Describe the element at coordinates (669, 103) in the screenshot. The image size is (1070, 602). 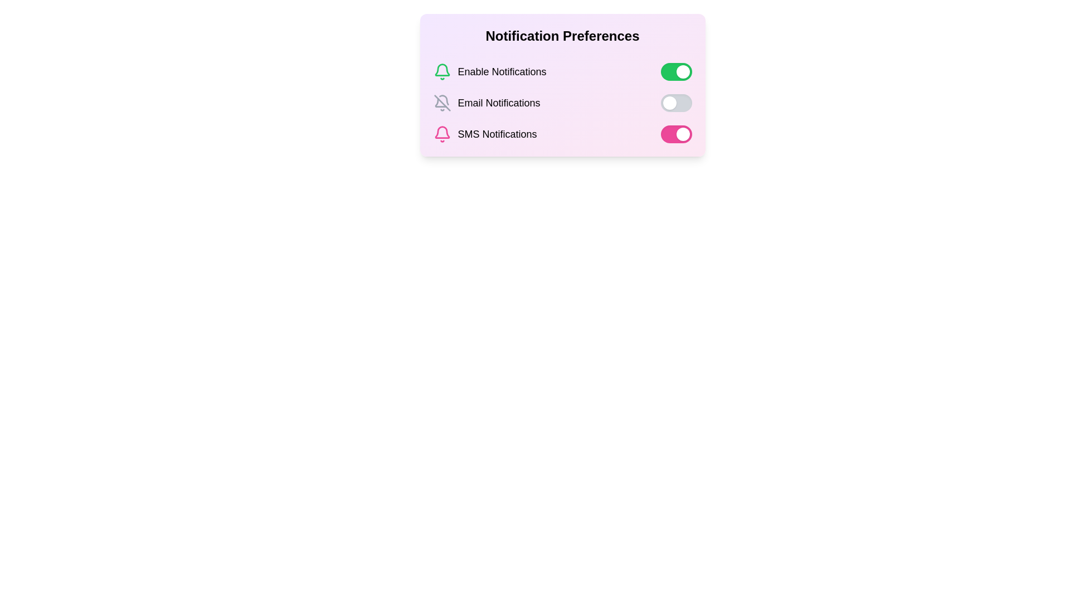
I see `the circular toggle indicator of the gray toggle switch for the 'Email Notifications' setting in the second row` at that location.